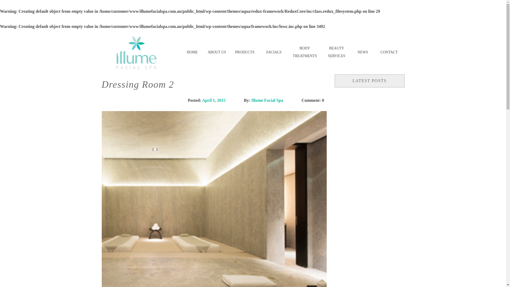  Describe the element at coordinates (274, 52) in the screenshot. I see `'FACIALS'` at that location.